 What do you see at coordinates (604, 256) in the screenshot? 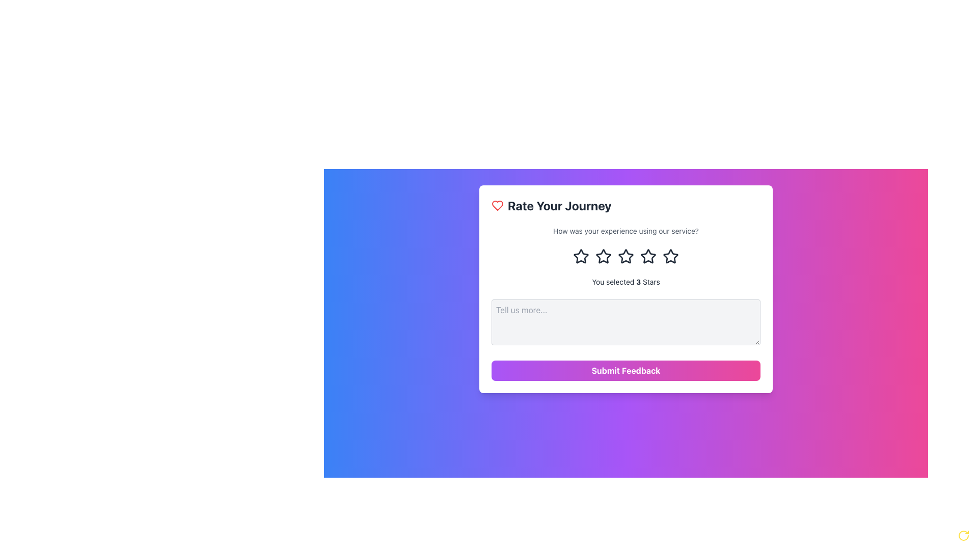
I see `the third star-shaped rating icon with a hollow center and black borders in the 'Rate Your Journey' section` at bounding box center [604, 256].